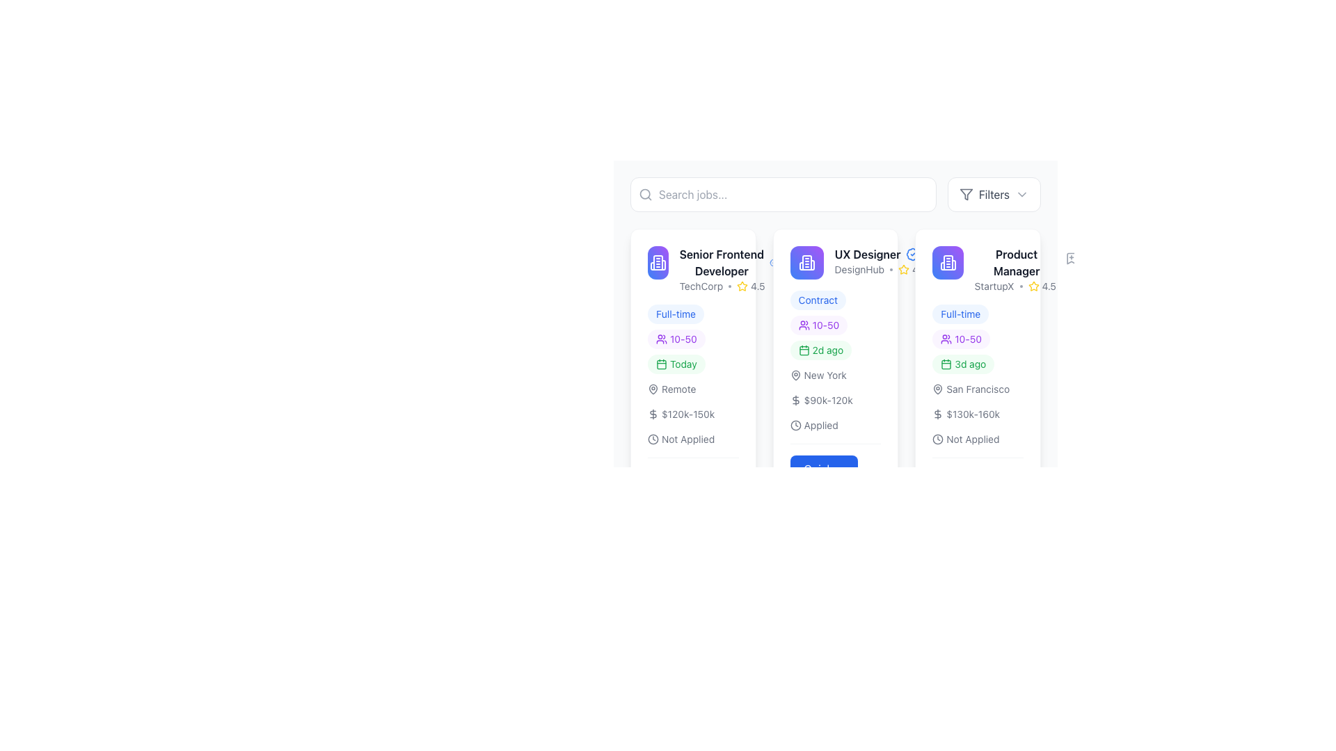 Image resolution: width=1336 pixels, height=751 pixels. What do you see at coordinates (806, 263) in the screenshot?
I see `the icon representing the 'UX Designer' role, located at the top-left corner of the card` at bounding box center [806, 263].